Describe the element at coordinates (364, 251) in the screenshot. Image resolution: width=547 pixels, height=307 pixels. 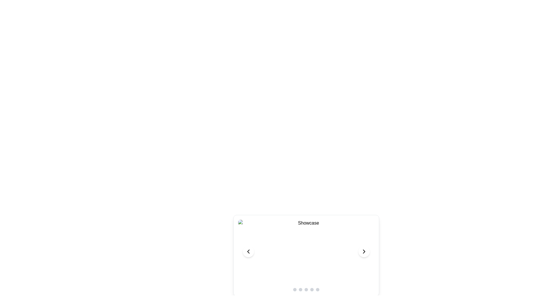
I see `the navigation button that advances the carousel or slideshow to the next item for keyboard navigation` at that location.